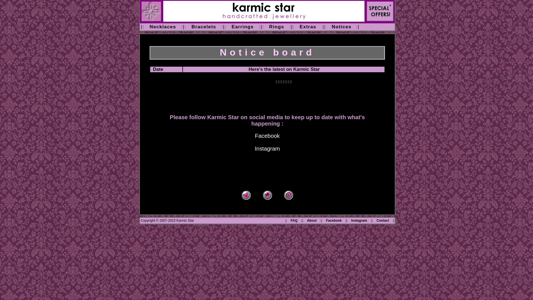 The width and height of the screenshot is (533, 300). What do you see at coordinates (359, 220) in the screenshot?
I see `'Instagram'` at bounding box center [359, 220].